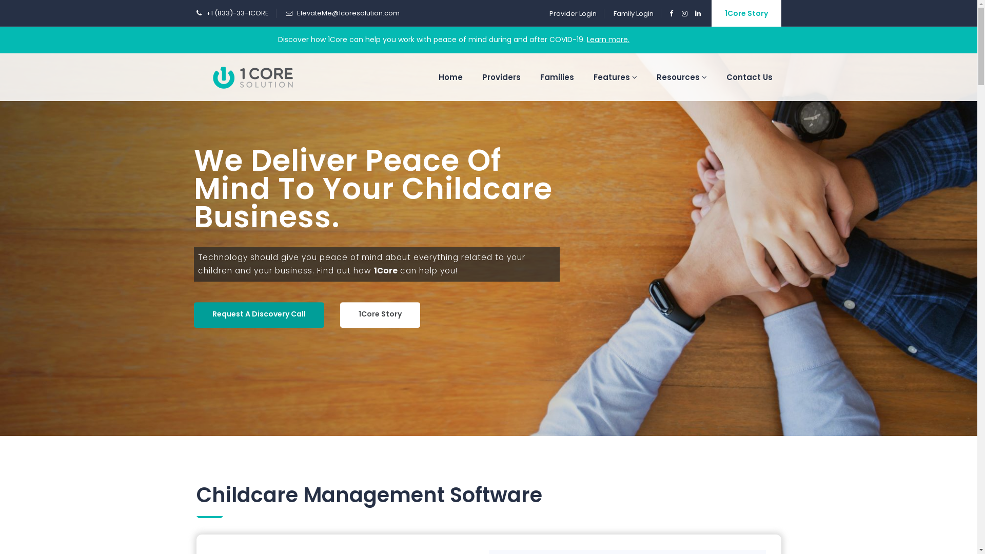 The height and width of the screenshot is (554, 985). Describe the element at coordinates (450, 76) in the screenshot. I see `'Home'` at that location.